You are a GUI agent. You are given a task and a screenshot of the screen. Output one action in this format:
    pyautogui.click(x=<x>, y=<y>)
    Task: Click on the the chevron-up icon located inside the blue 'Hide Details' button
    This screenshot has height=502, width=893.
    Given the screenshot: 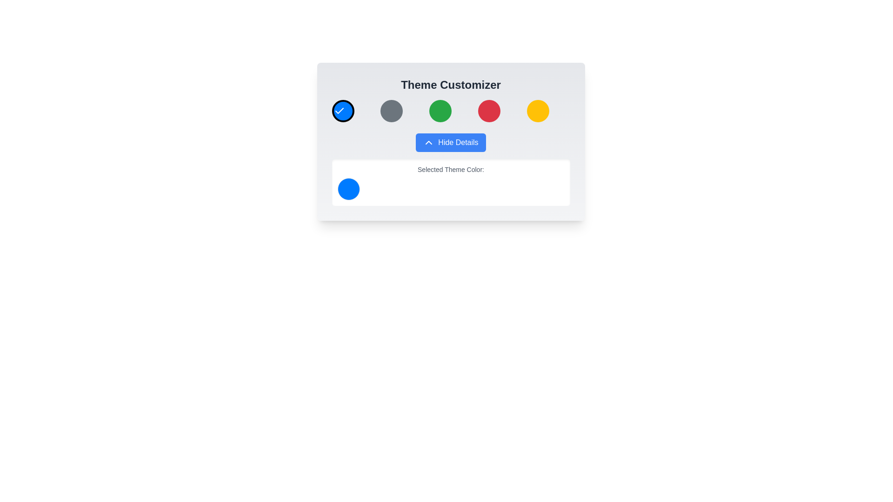 What is the action you would take?
    pyautogui.click(x=428, y=143)
    